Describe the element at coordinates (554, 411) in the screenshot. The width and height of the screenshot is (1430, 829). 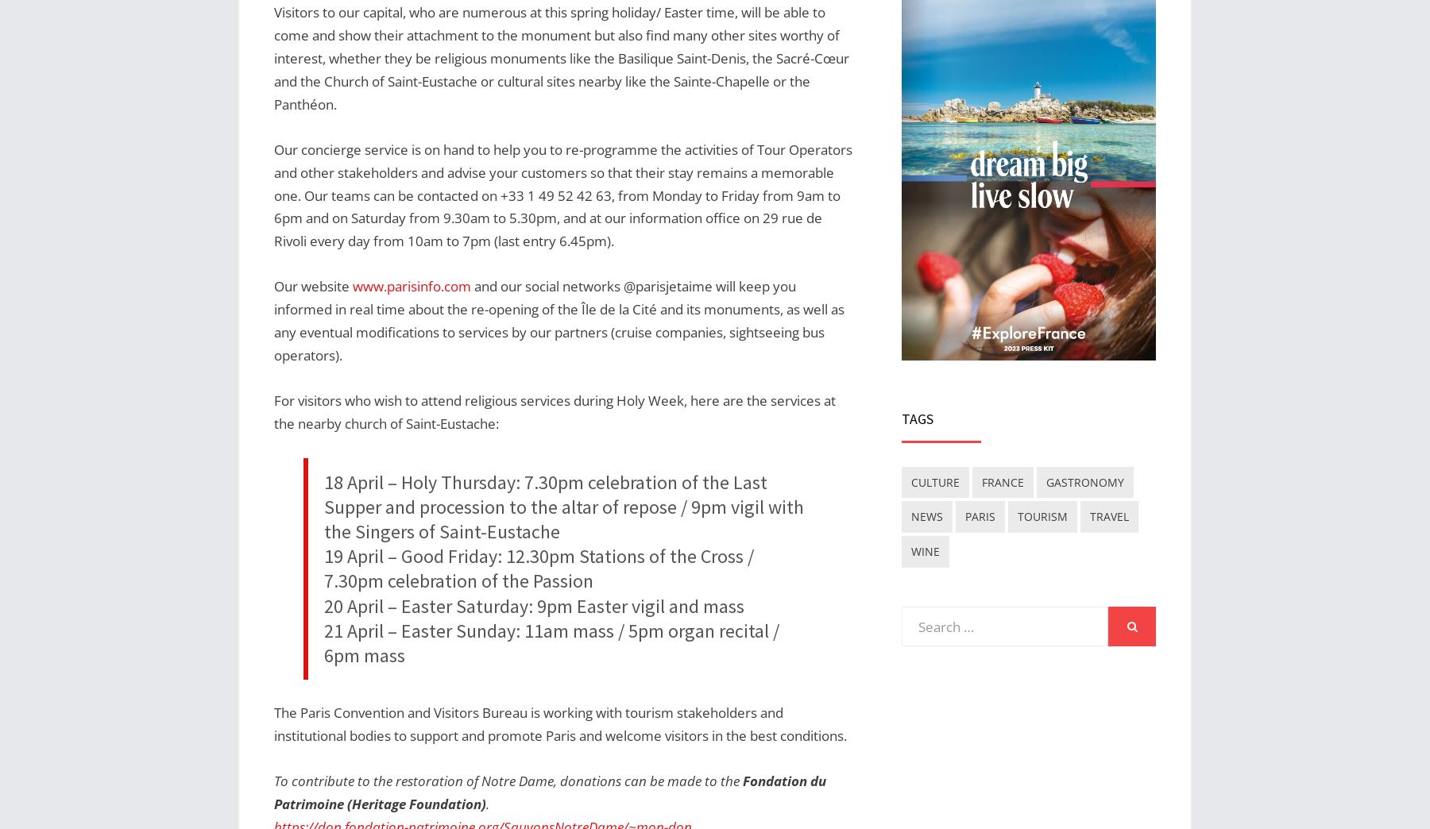
I see `'For visitors who wish to attend religious services during Holy Week, here are the services at the nearby church of Saint-Eustache:'` at that location.